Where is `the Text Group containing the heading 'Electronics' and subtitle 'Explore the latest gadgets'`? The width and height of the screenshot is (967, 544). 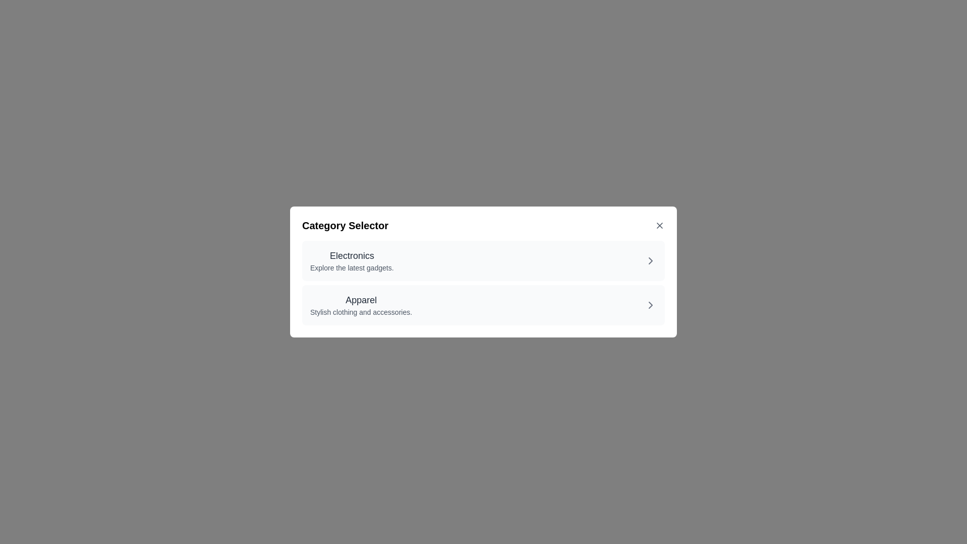 the Text Group containing the heading 'Electronics' and subtitle 'Explore the latest gadgets' is located at coordinates (352, 260).